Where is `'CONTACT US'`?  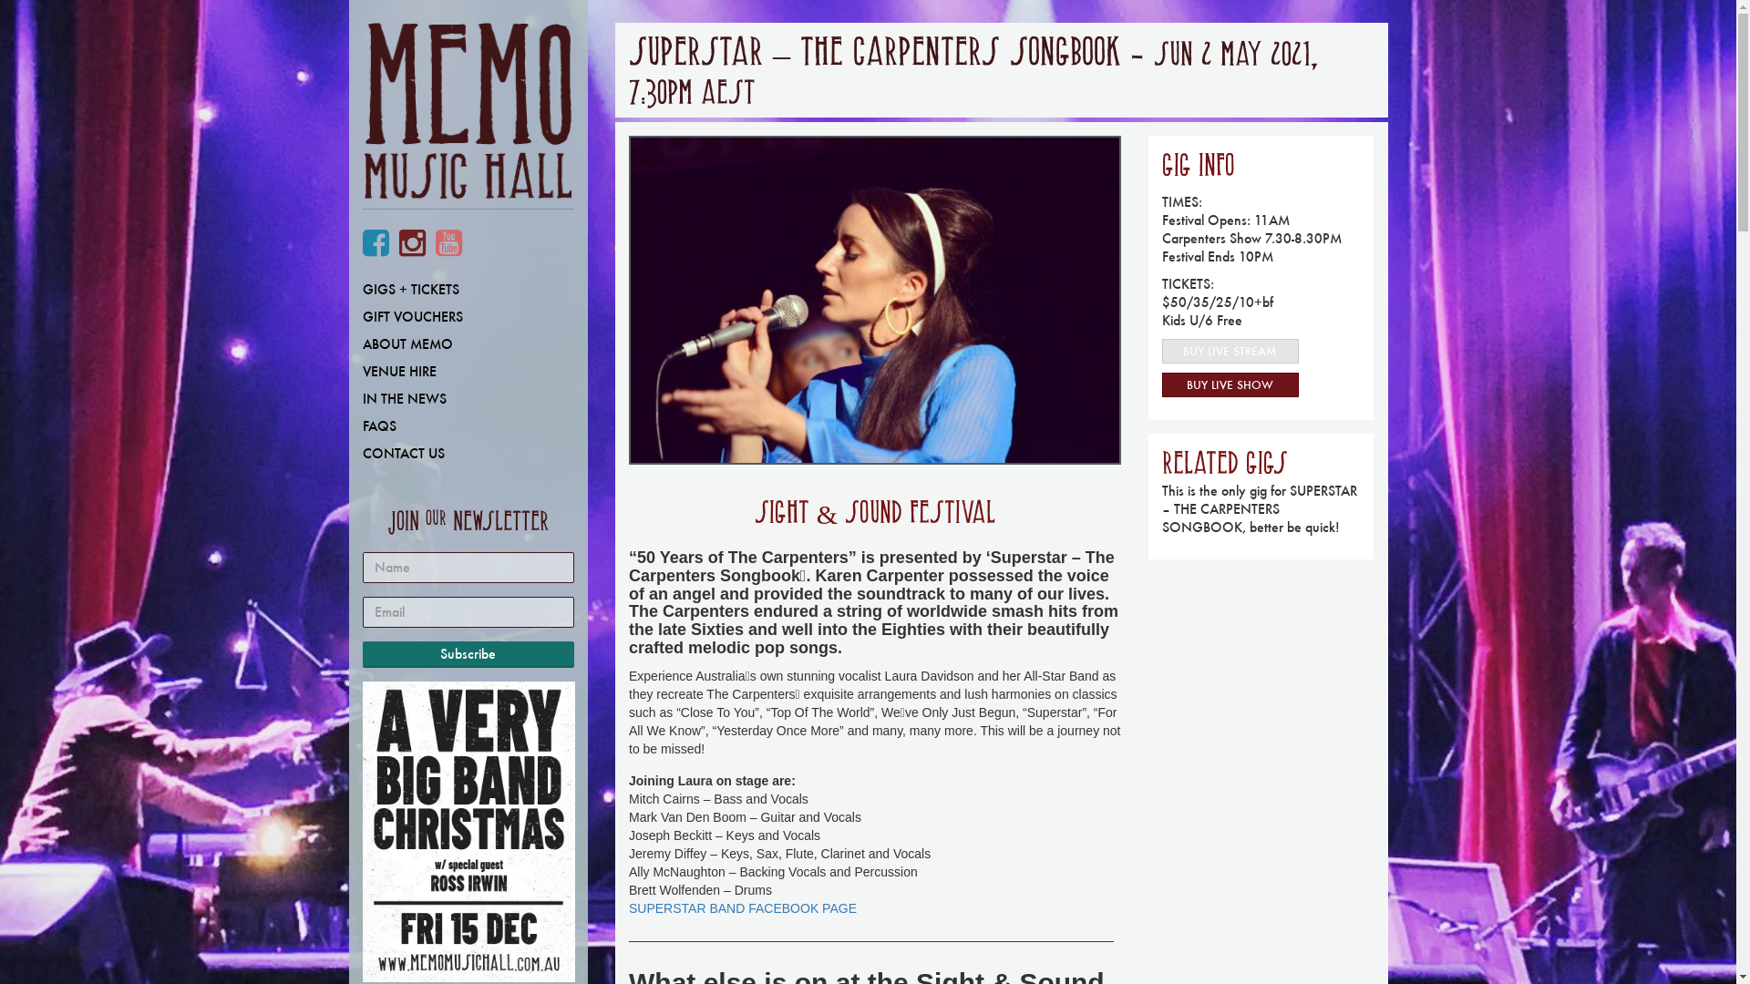
'CONTACT US' is located at coordinates (468, 452).